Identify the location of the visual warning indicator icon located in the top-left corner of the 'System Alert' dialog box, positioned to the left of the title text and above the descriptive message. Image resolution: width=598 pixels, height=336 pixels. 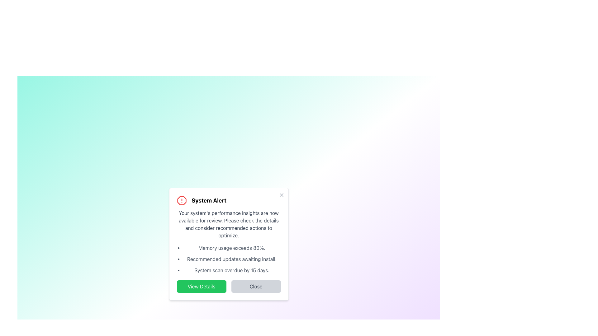
(181, 200).